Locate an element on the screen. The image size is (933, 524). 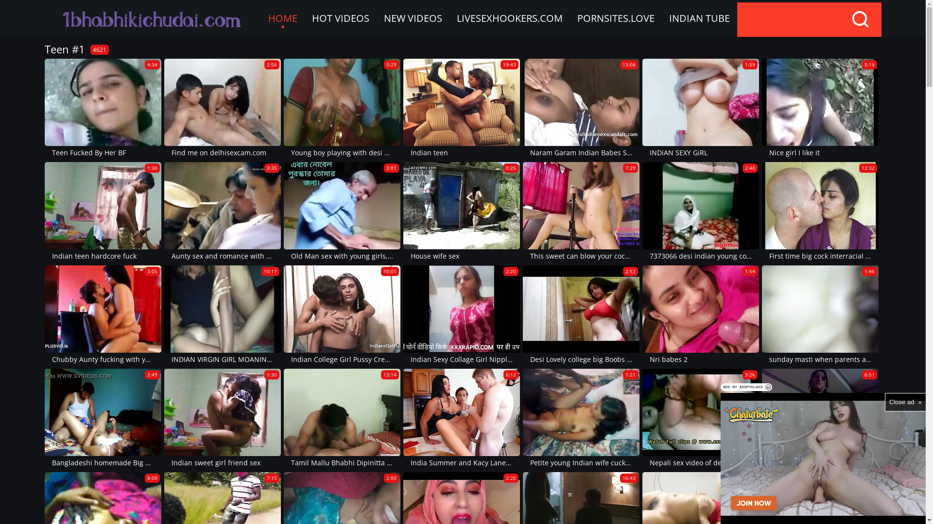
'HOME' is located at coordinates (281, 18).